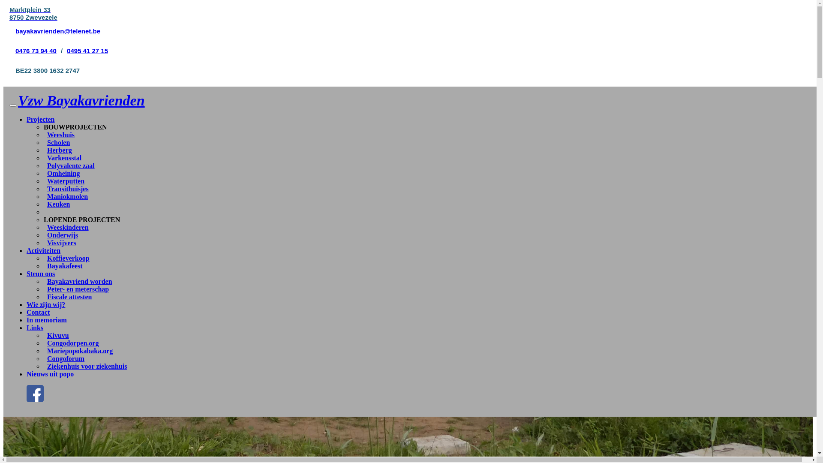  Describe the element at coordinates (63, 358) in the screenshot. I see `'Congoforum'` at that location.